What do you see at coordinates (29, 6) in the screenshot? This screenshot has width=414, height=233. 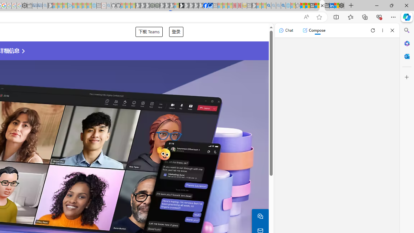 I see `'Wallet - Sleeping'` at bounding box center [29, 6].